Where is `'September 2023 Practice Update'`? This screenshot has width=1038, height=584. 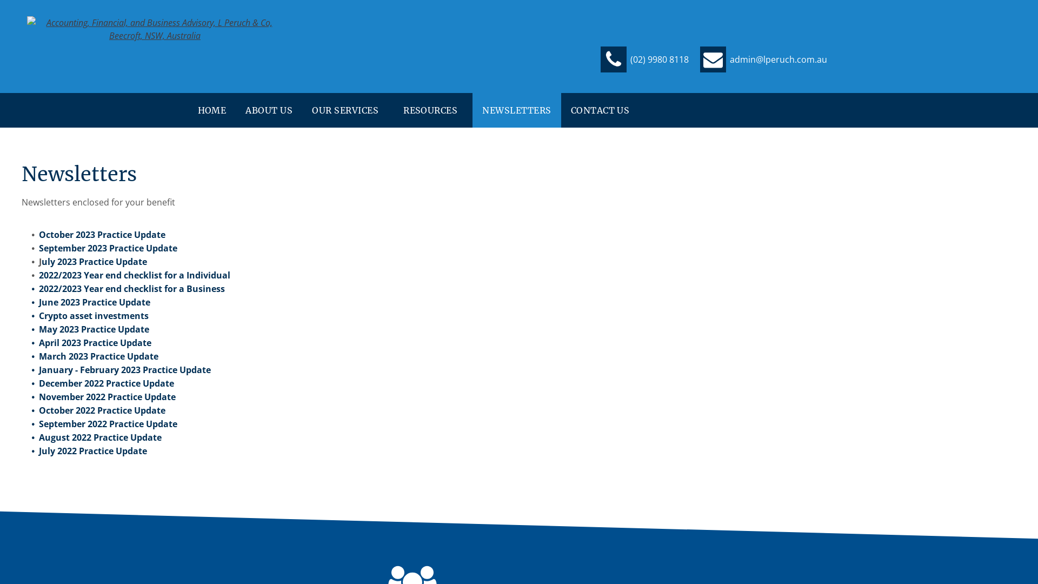 'September 2023 Practice Update' is located at coordinates (108, 248).